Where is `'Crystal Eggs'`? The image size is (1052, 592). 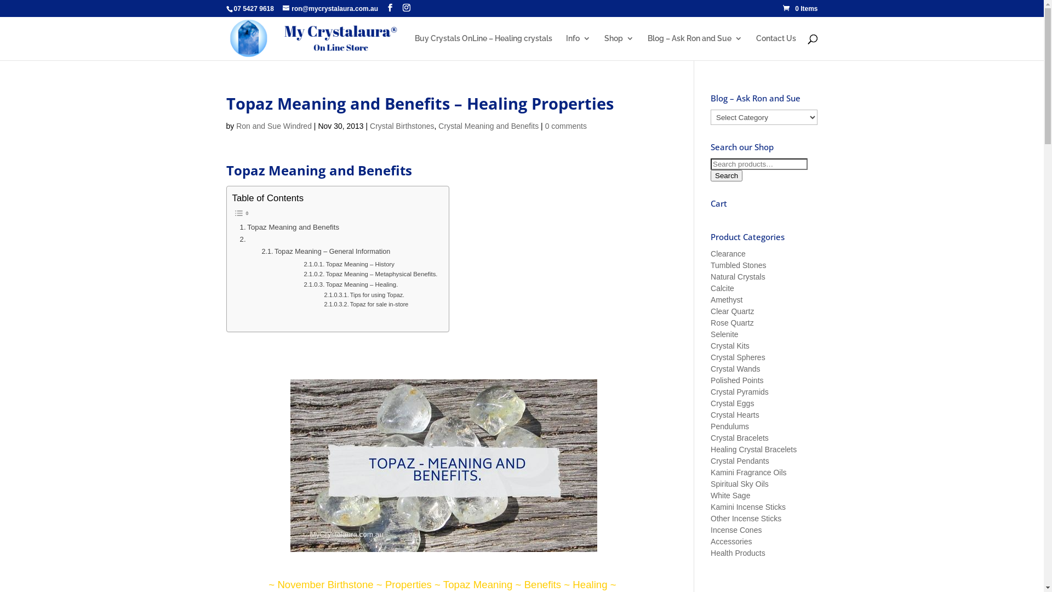
'Crystal Eggs' is located at coordinates (710, 403).